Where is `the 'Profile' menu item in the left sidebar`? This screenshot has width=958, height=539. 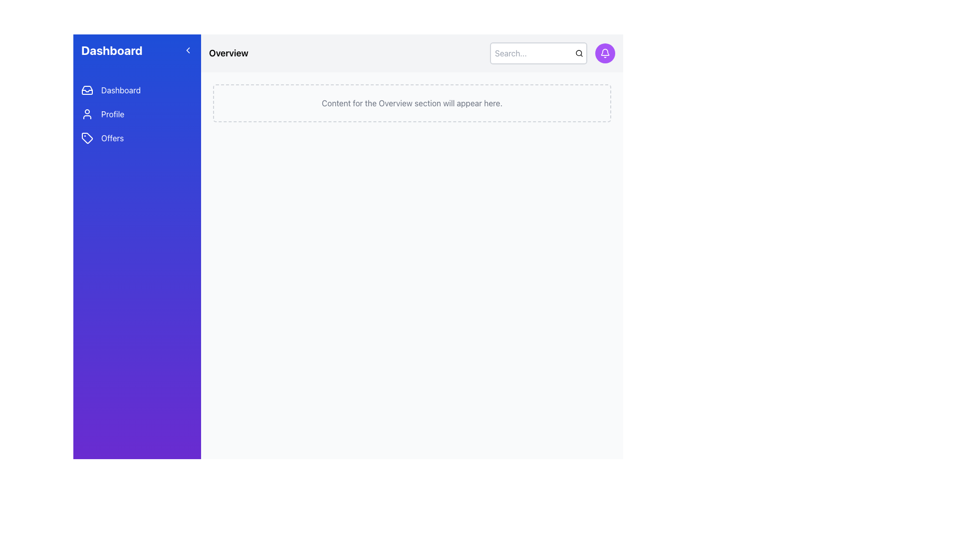 the 'Profile' menu item in the left sidebar is located at coordinates (136, 113).